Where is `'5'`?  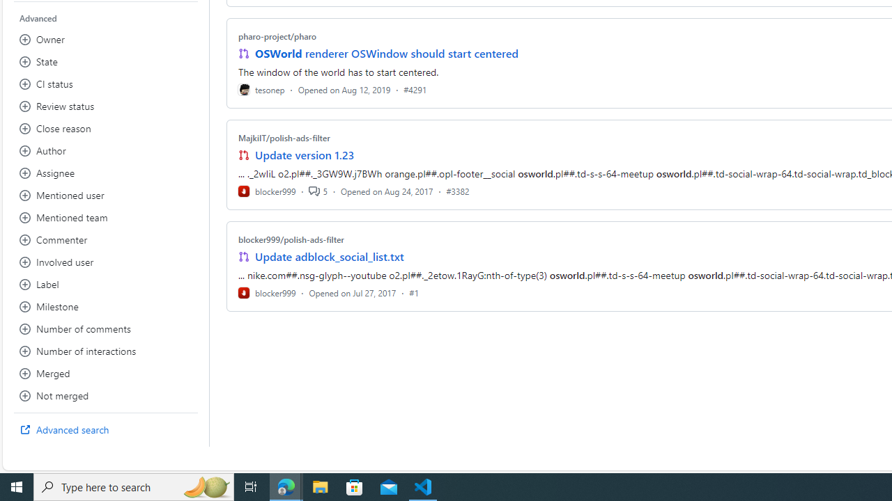
'5' is located at coordinates (317, 191).